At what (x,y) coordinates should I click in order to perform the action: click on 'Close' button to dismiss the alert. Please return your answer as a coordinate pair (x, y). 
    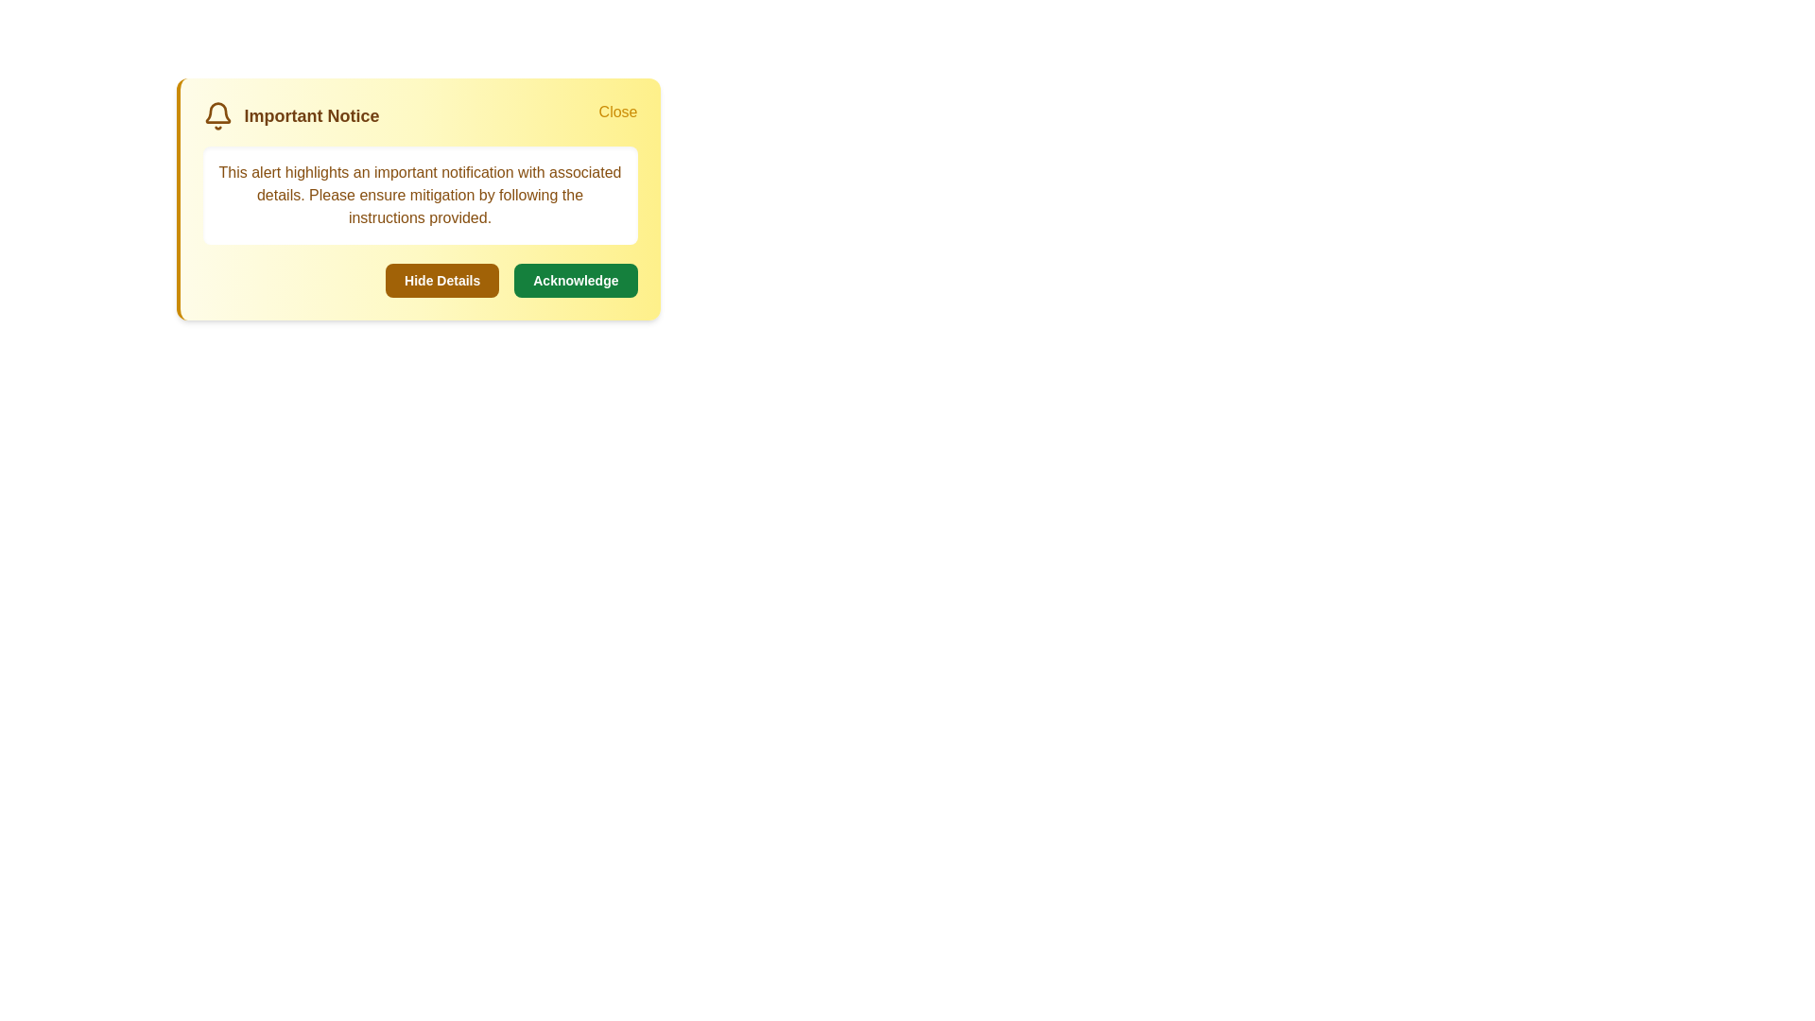
    Looking at the image, I should click on (617, 112).